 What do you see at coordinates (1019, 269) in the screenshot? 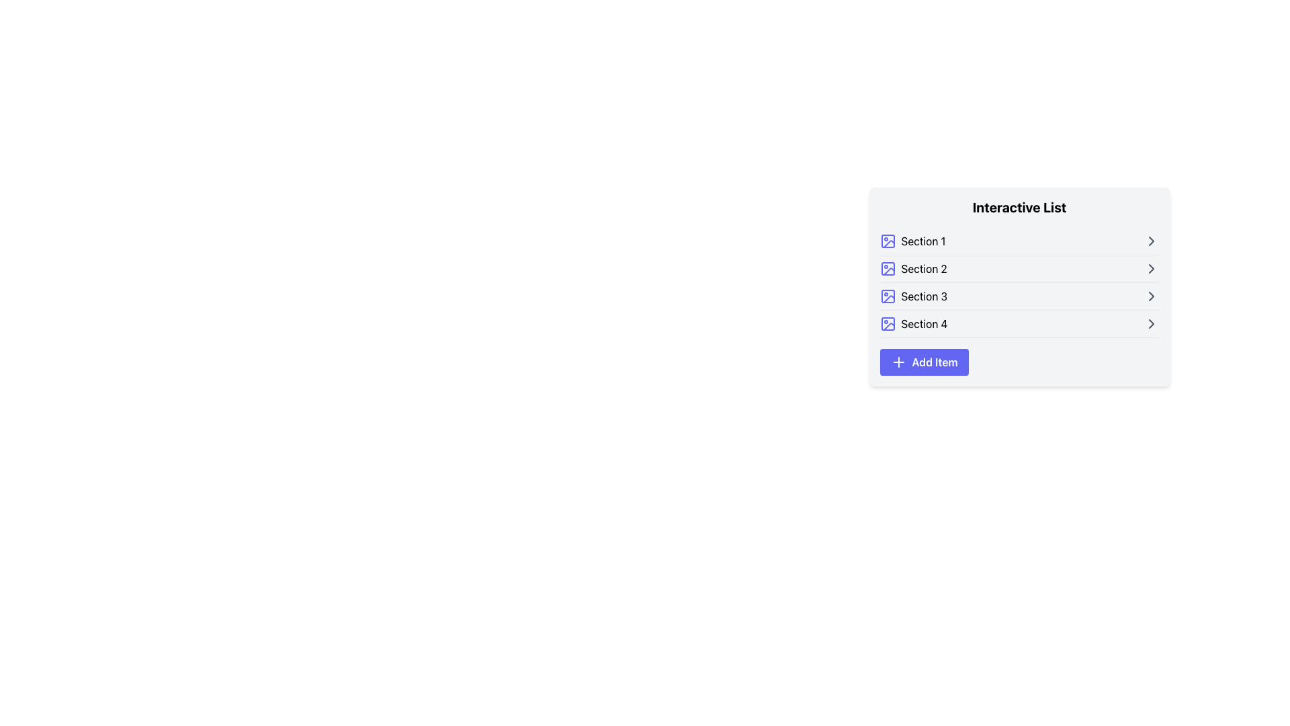
I see `the second list item labeled 'Section 2'` at bounding box center [1019, 269].